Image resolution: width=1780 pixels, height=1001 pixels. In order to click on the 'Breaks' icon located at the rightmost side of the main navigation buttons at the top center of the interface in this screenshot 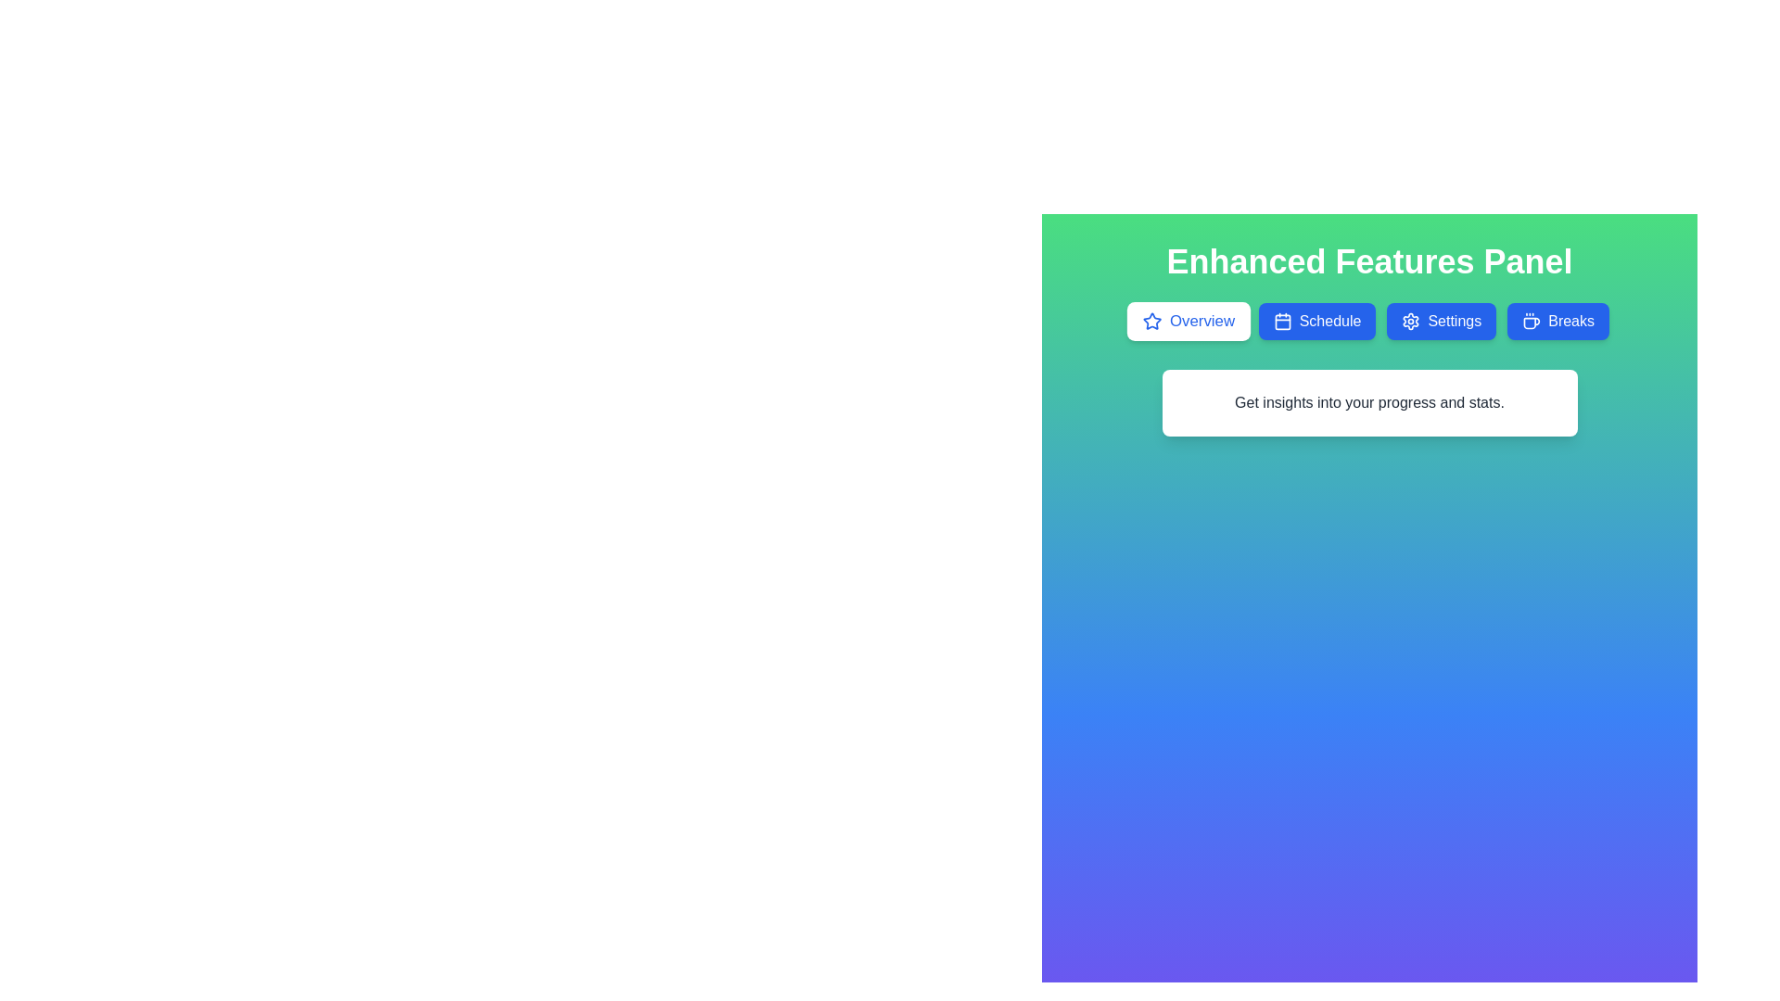, I will do `click(1532, 321)`.